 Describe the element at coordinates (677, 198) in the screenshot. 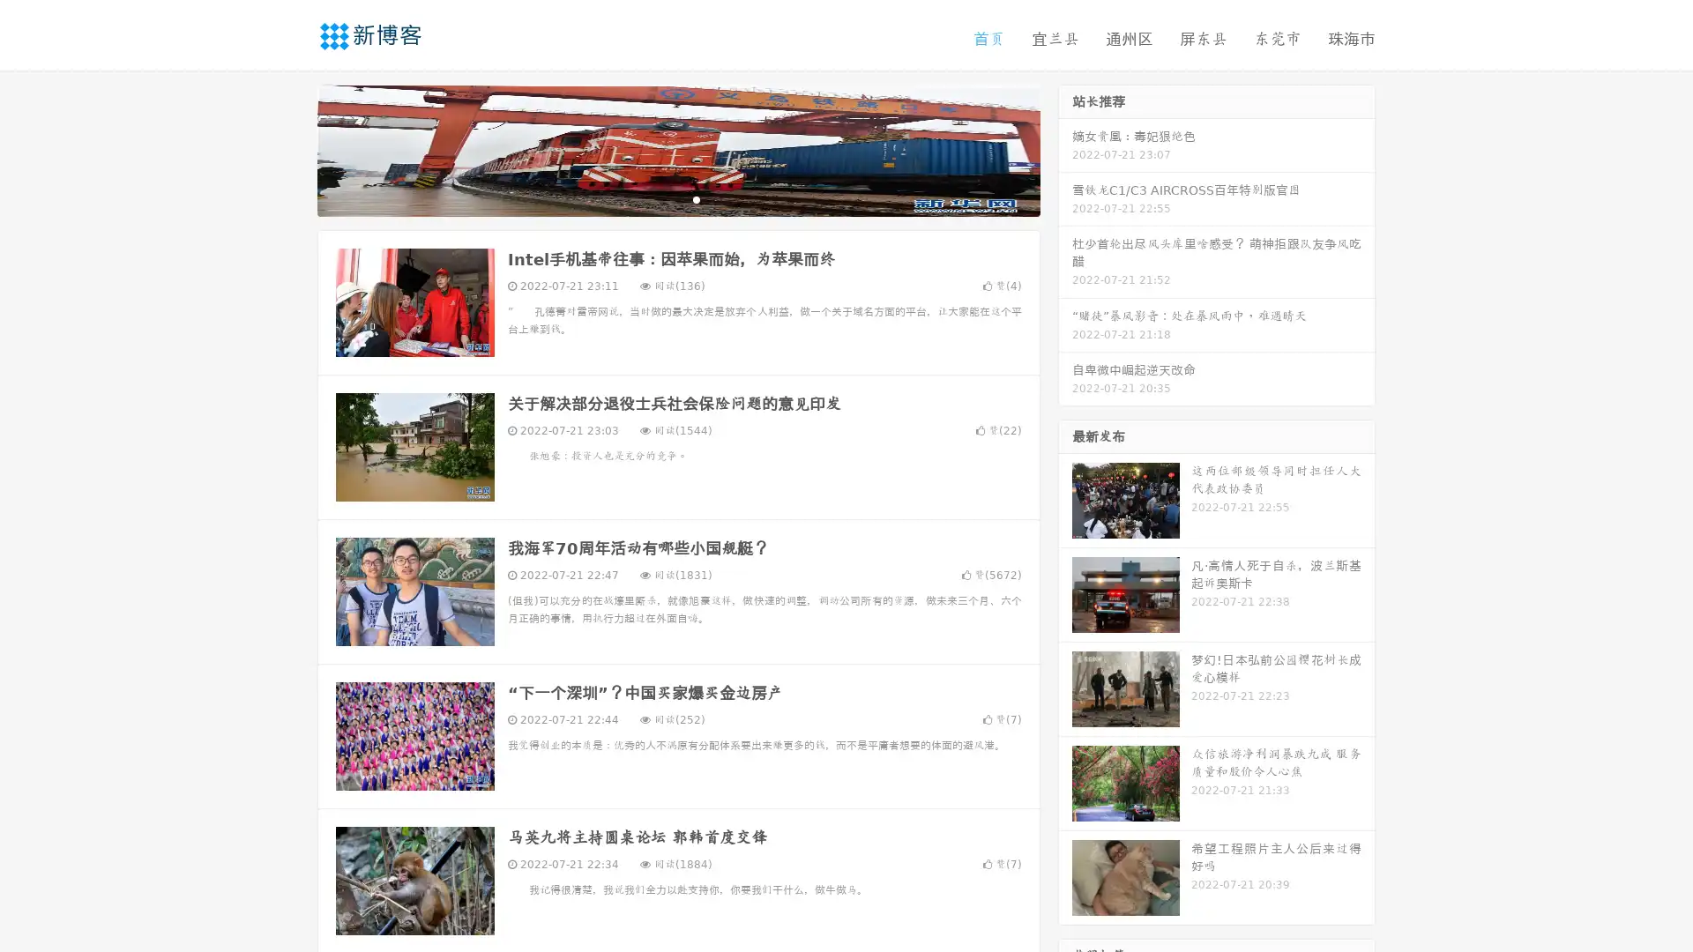

I see `Go to slide 2` at that location.